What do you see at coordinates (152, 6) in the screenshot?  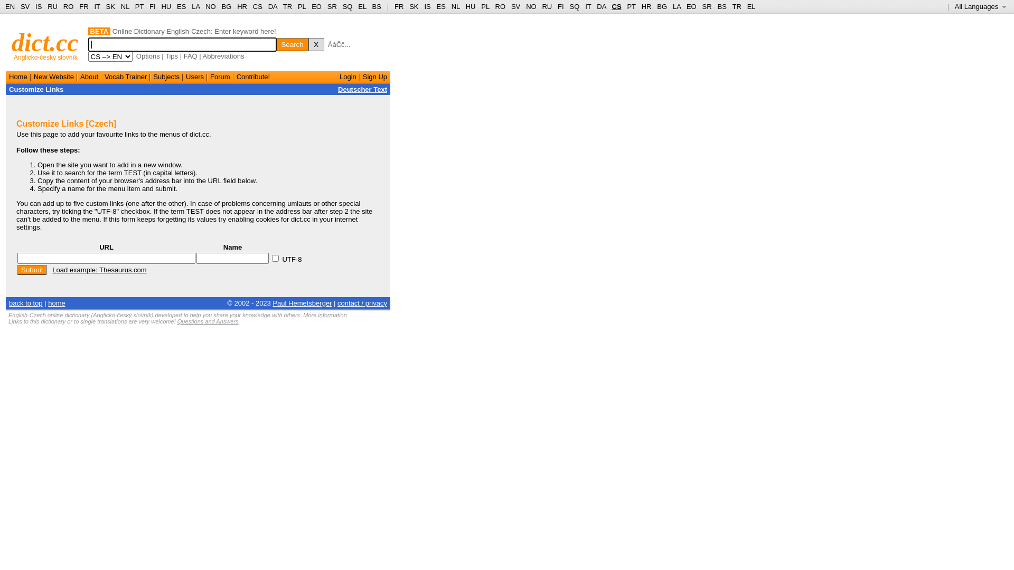 I see `'FI'` at bounding box center [152, 6].